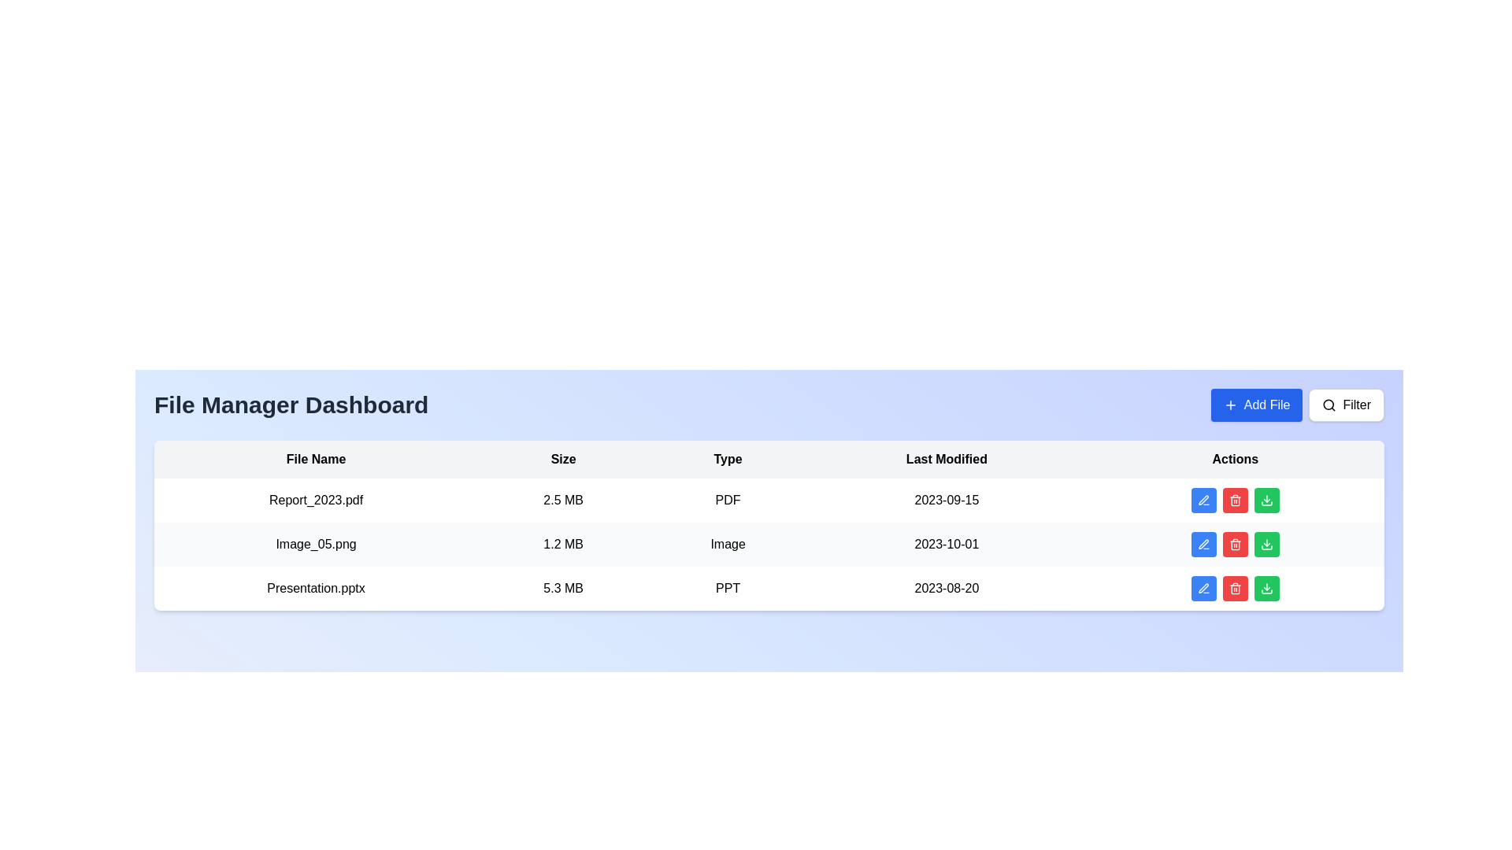  Describe the element at coordinates (1203, 501) in the screenshot. I see `the blue button with a pen or edit icon in the actions section of the file management dashboard to initiate edit mode for the second file entry ('Image_05.png')` at that location.